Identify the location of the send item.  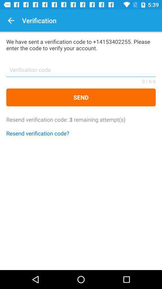
(81, 97).